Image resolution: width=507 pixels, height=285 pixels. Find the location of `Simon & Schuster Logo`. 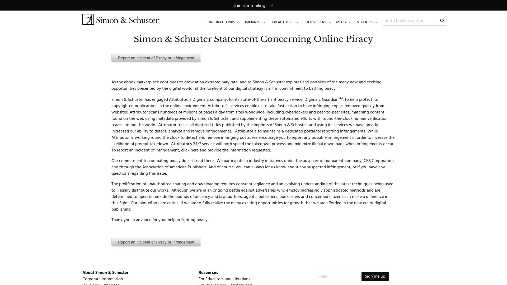

Simon & Schuster Logo is located at coordinates (120, 19).